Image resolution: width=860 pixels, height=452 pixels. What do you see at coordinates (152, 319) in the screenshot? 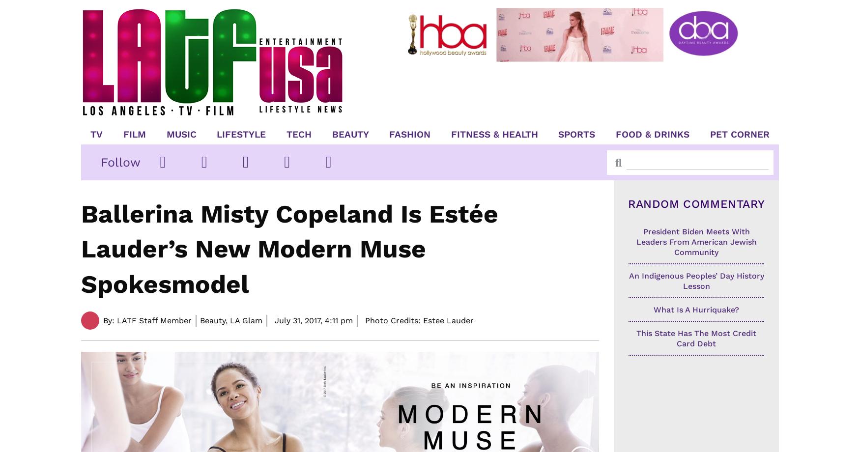
I see `'LATF Staff Member'` at bounding box center [152, 319].